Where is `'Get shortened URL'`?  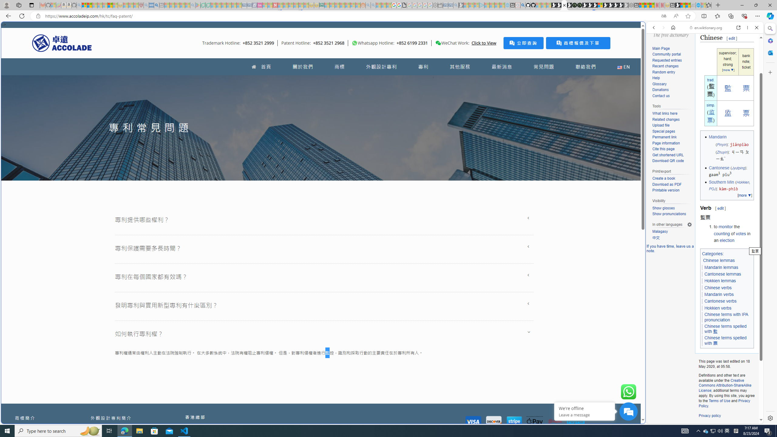
'Get shortened URL' is located at coordinates (672, 155).